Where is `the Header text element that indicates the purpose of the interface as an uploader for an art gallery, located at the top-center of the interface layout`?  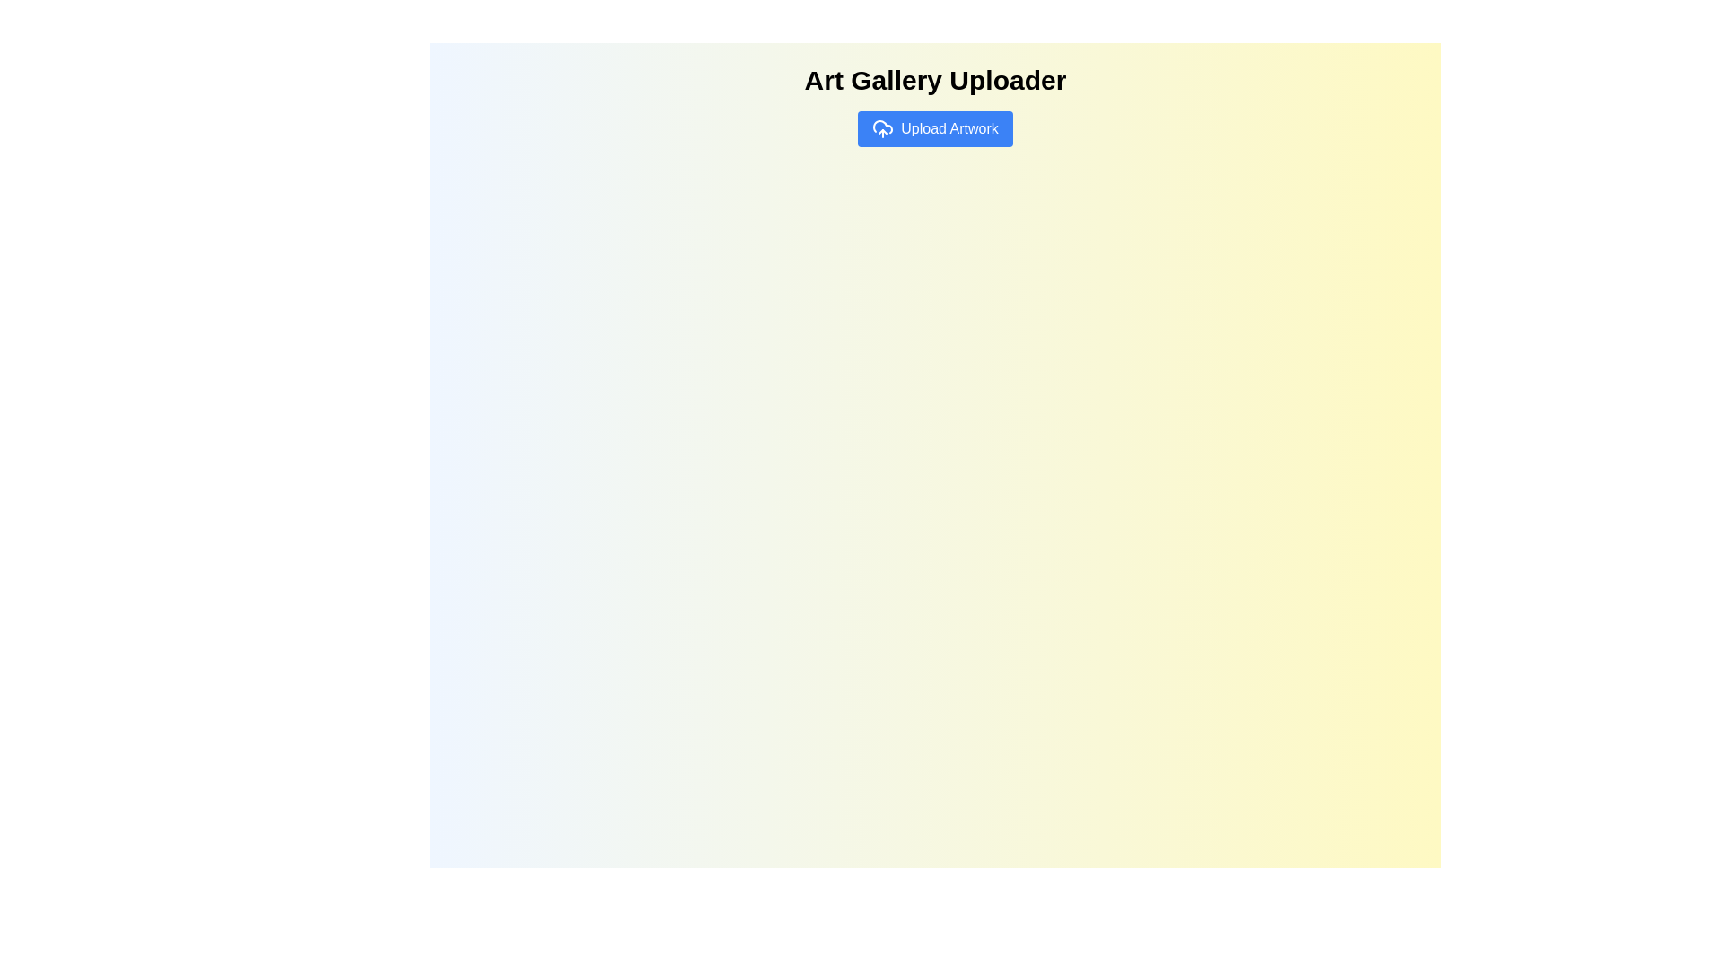 the Header text element that indicates the purpose of the interface as an uploader for an art gallery, located at the top-center of the interface layout is located at coordinates (934, 79).